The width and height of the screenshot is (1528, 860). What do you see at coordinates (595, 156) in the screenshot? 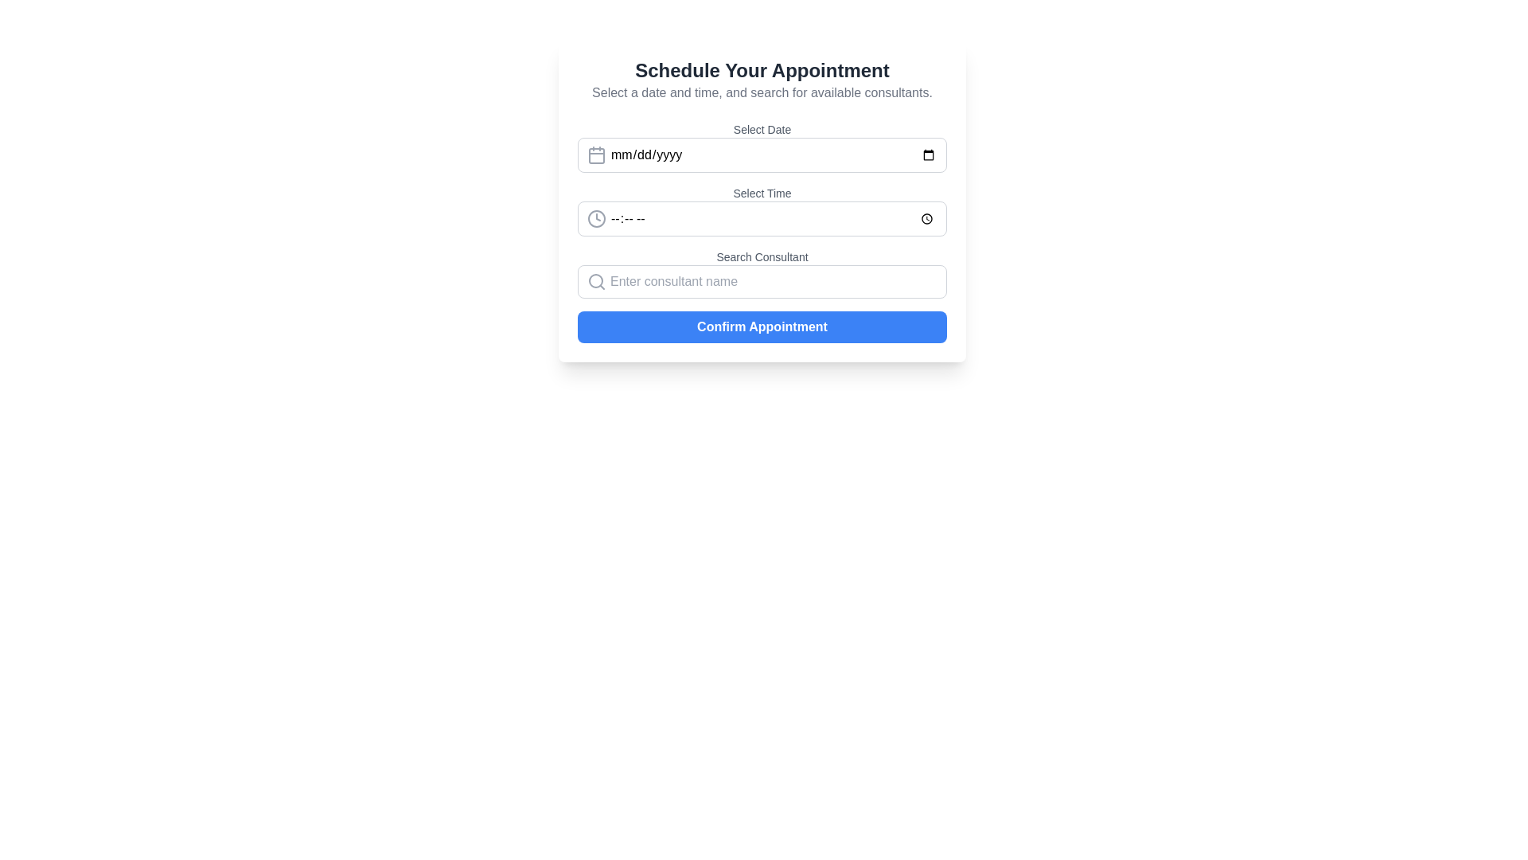
I see `the Icon component of the calendar icon, which is located to the left of the 'Select Date' text box` at bounding box center [595, 156].